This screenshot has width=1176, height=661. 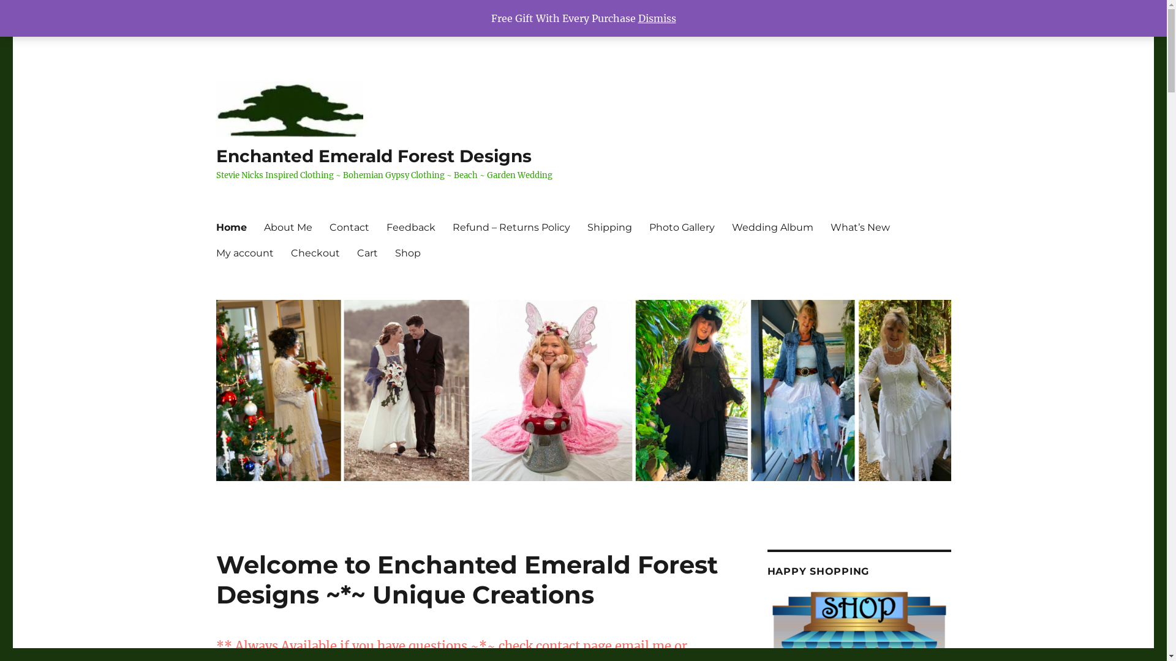 What do you see at coordinates (681, 226) in the screenshot?
I see `'Photo Gallery'` at bounding box center [681, 226].